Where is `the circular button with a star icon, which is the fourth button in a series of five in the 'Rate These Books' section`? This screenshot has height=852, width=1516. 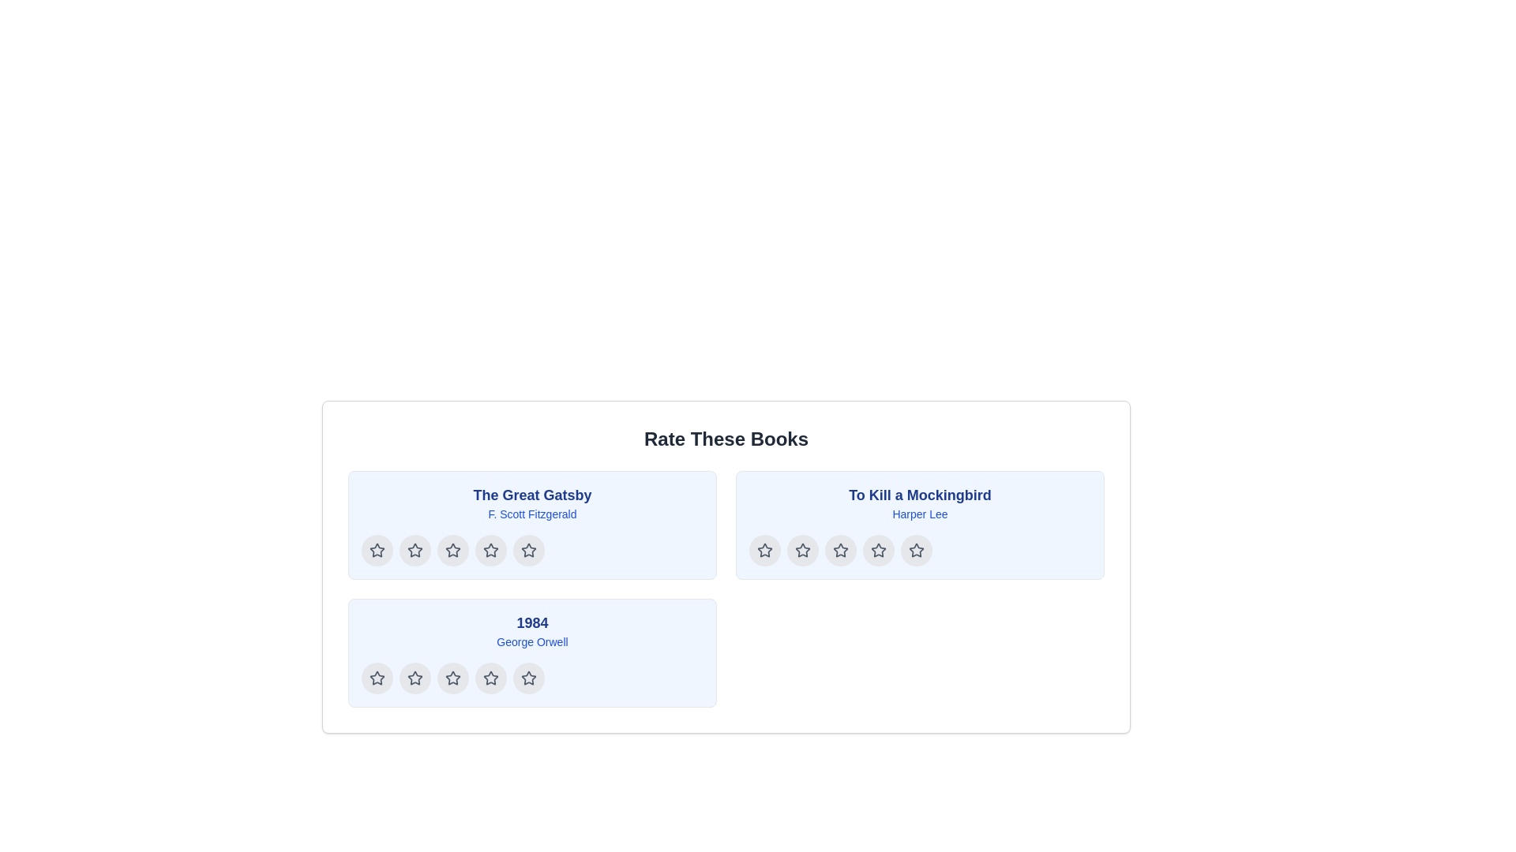 the circular button with a star icon, which is the fourth button in a series of five in the 'Rate These Books' section is located at coordinates (490, 678).